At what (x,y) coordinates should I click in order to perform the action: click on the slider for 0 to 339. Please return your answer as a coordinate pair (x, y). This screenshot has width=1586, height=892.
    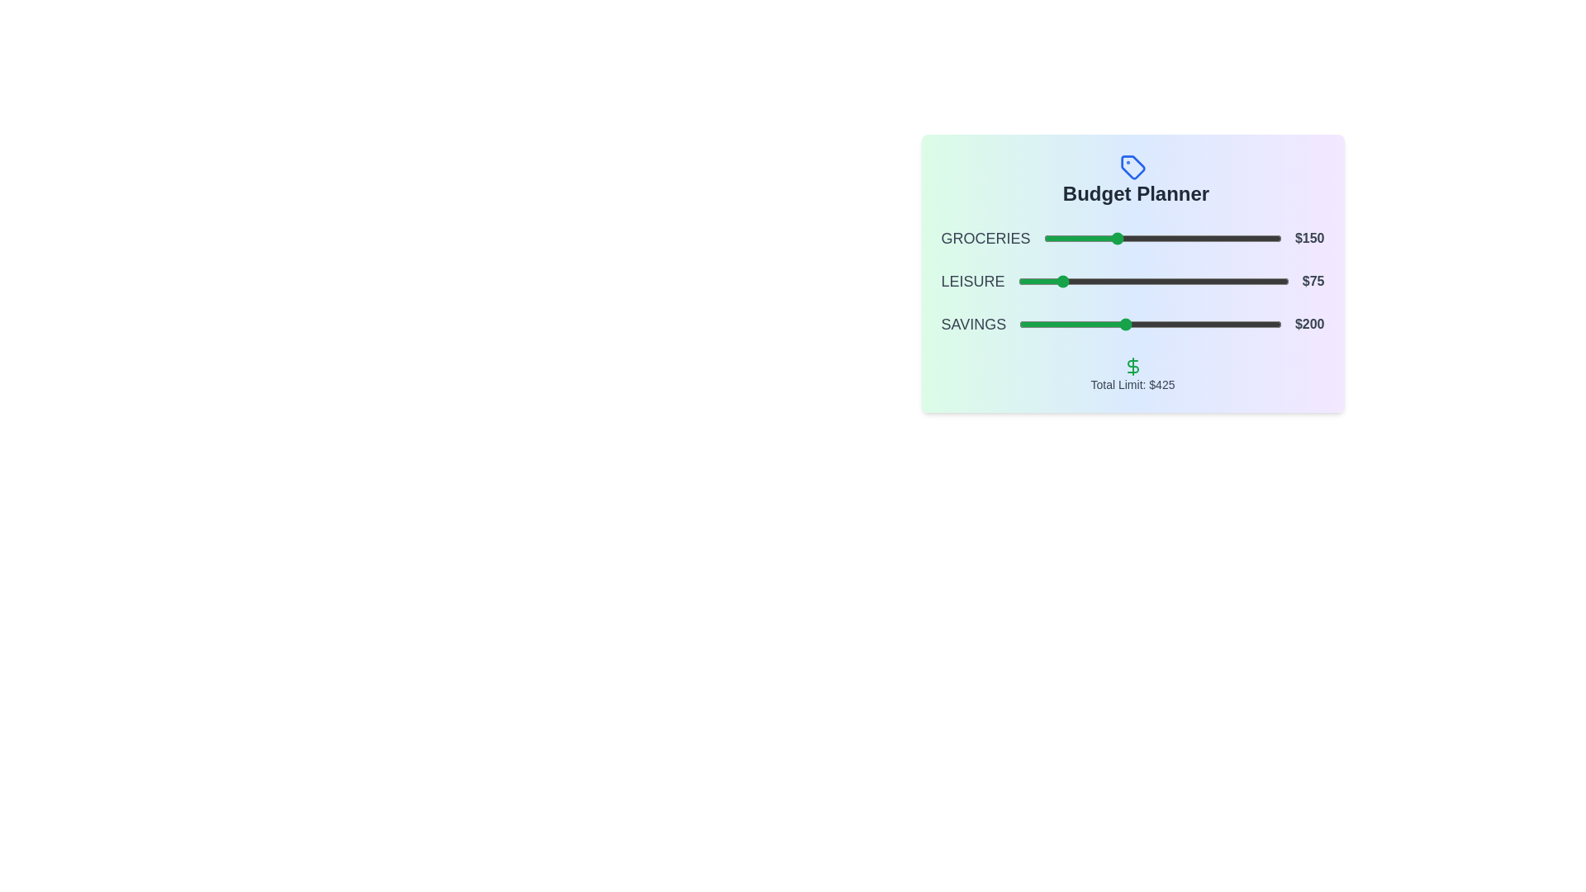
    Looking at the image, I should click on (1205, 239).